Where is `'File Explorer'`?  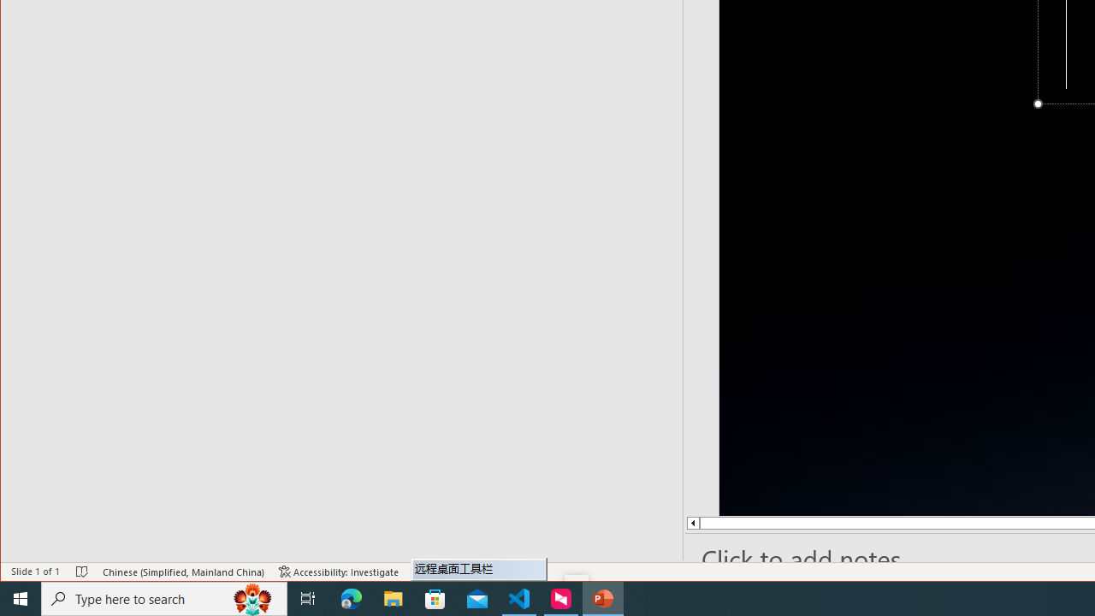
'File Explorer' is located at coordinates (393, 597).